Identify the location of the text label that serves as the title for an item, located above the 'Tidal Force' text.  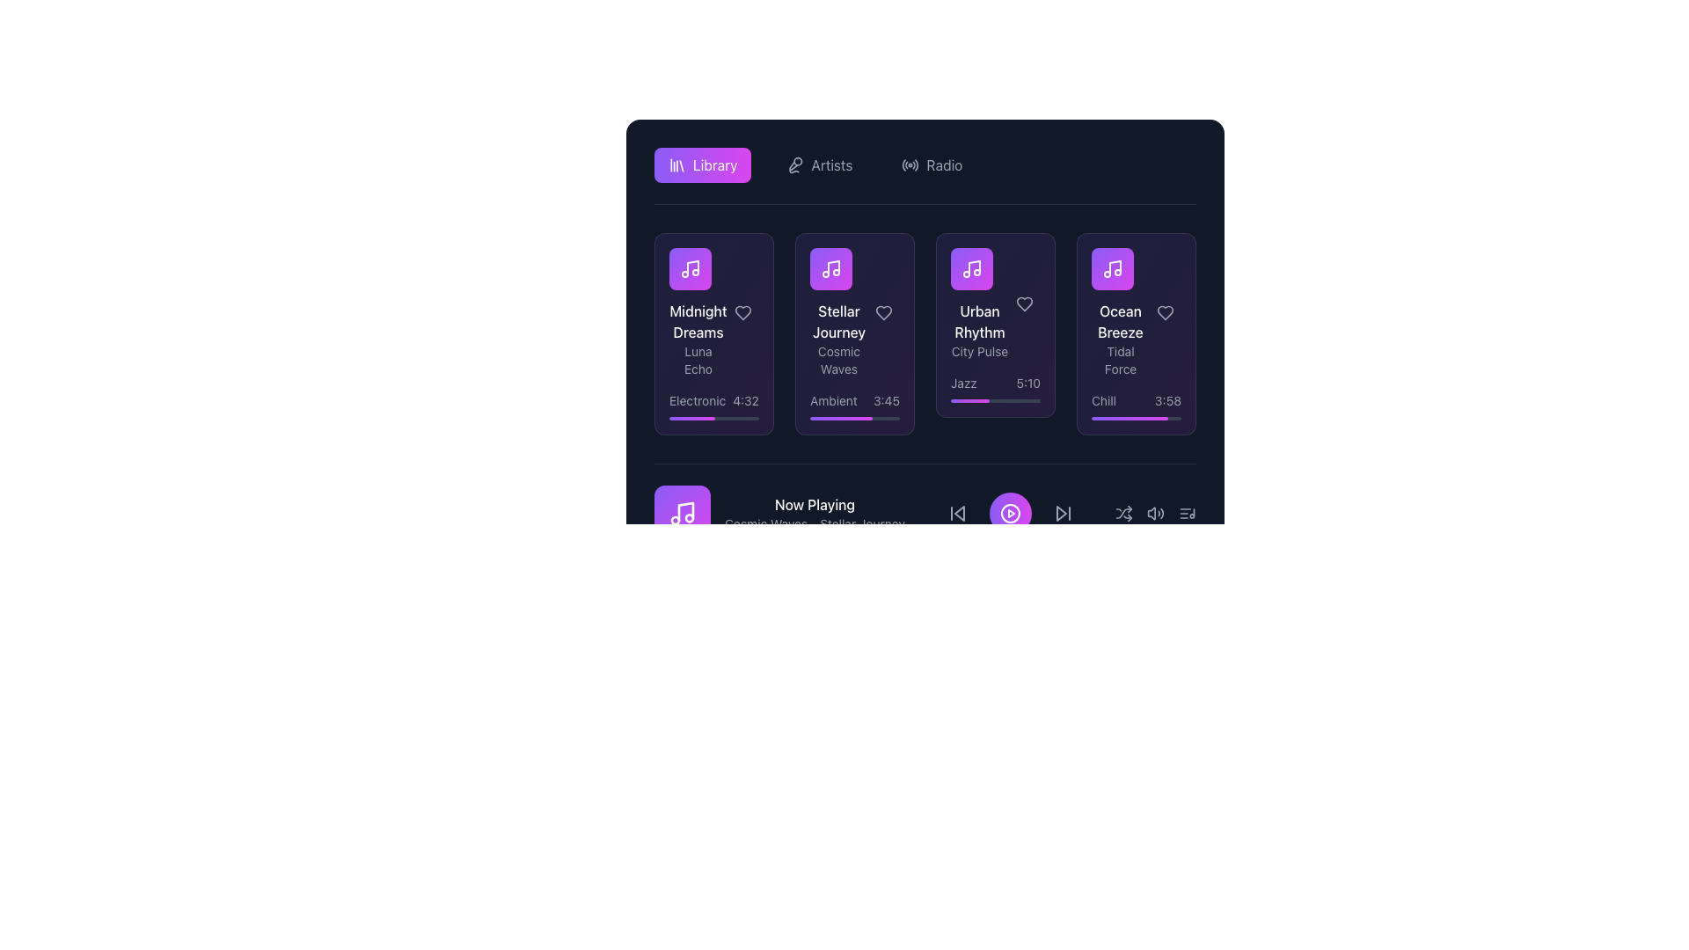
(1119, 322).